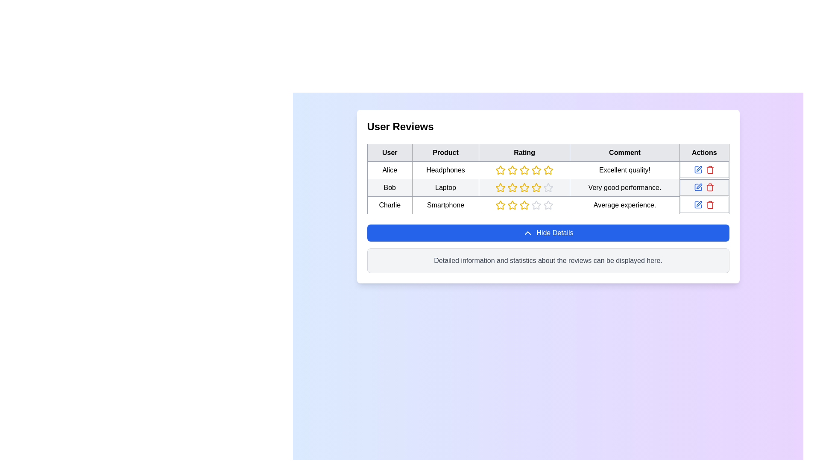 This screenshot has width=820, height=461. Describe the element at coordinates (400, 127) in the screenshot. I see `the bold 'User Reviews' text label located at the top of the user reviews section` at that location.